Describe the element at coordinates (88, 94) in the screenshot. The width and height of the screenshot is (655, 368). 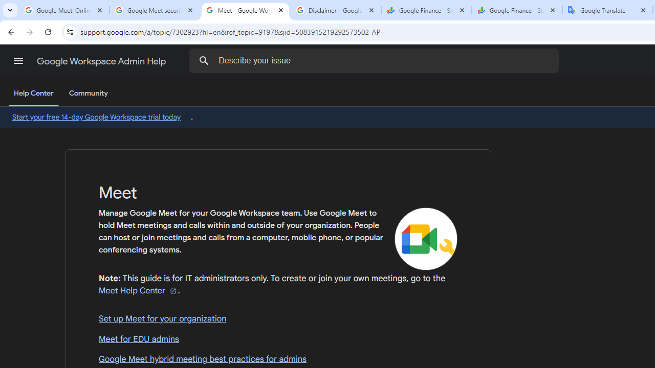
I see `'Community'` at that location.